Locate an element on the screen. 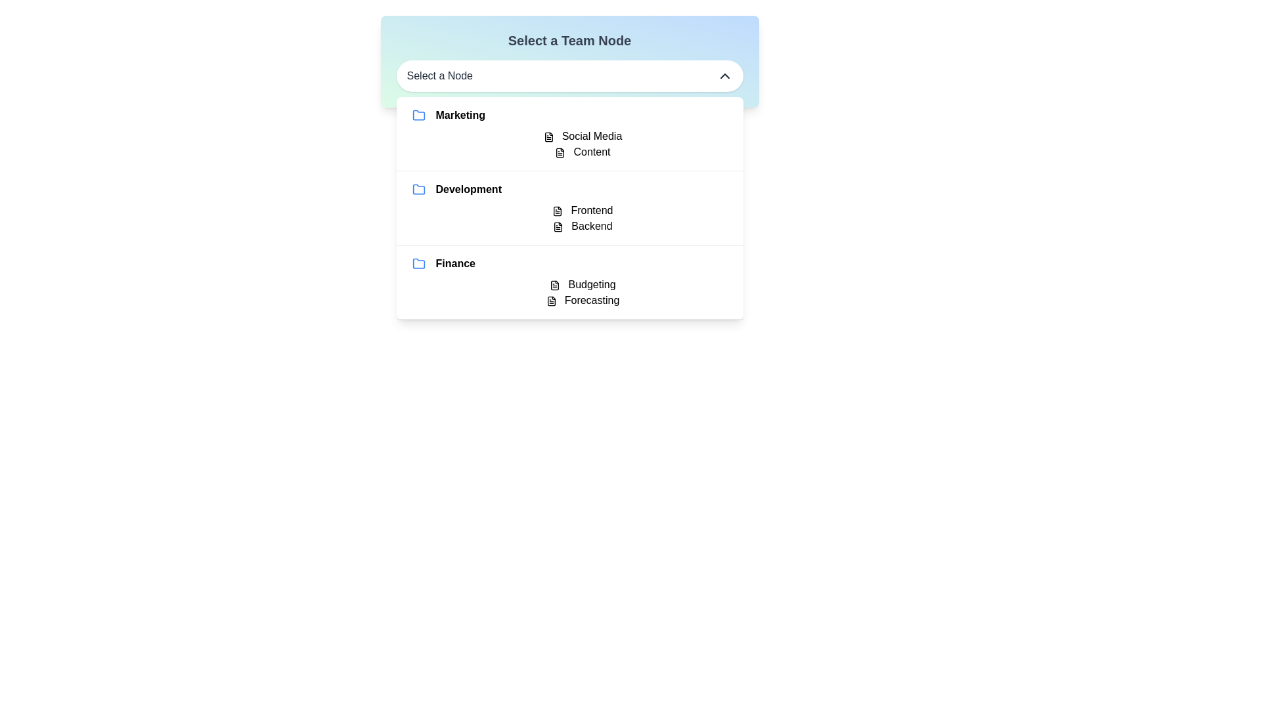  the clickable text label with an accompanying icon located beneath the 'Social Media' item in the 'Marketing' section to change its color is located at coordinates (582, 151).